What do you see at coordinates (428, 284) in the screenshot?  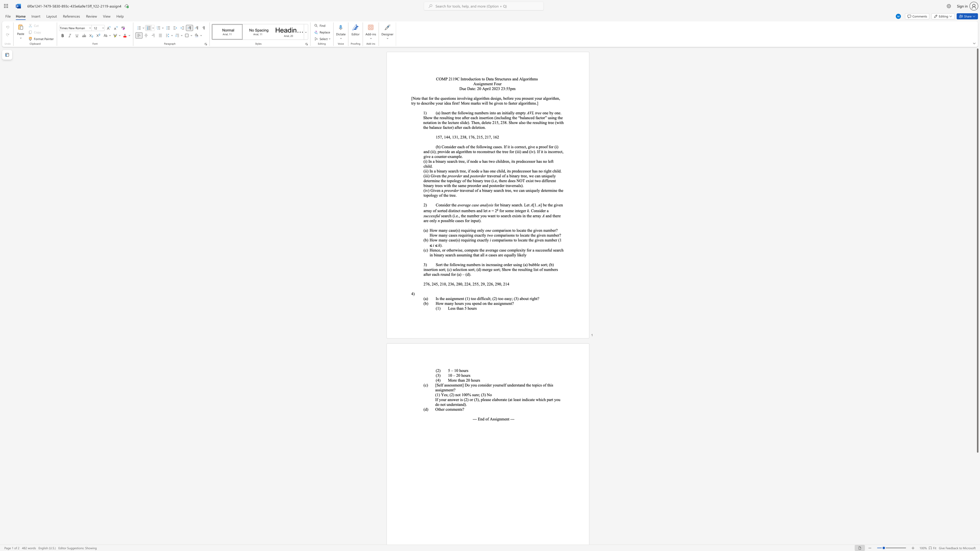 I see `the 1th character "6" in the text` at bounding box center [428, 284].